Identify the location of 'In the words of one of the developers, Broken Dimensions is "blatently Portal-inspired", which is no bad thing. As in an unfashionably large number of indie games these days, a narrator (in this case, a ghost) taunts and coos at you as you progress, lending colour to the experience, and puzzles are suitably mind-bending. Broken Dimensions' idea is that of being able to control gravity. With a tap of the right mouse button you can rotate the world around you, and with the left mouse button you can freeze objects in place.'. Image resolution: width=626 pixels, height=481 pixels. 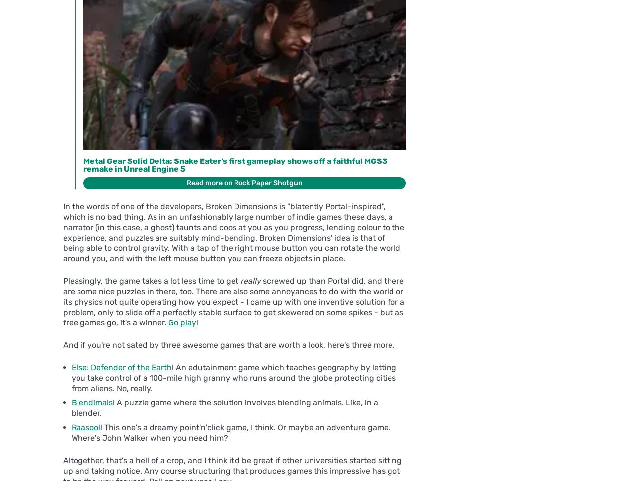
(234, 232).